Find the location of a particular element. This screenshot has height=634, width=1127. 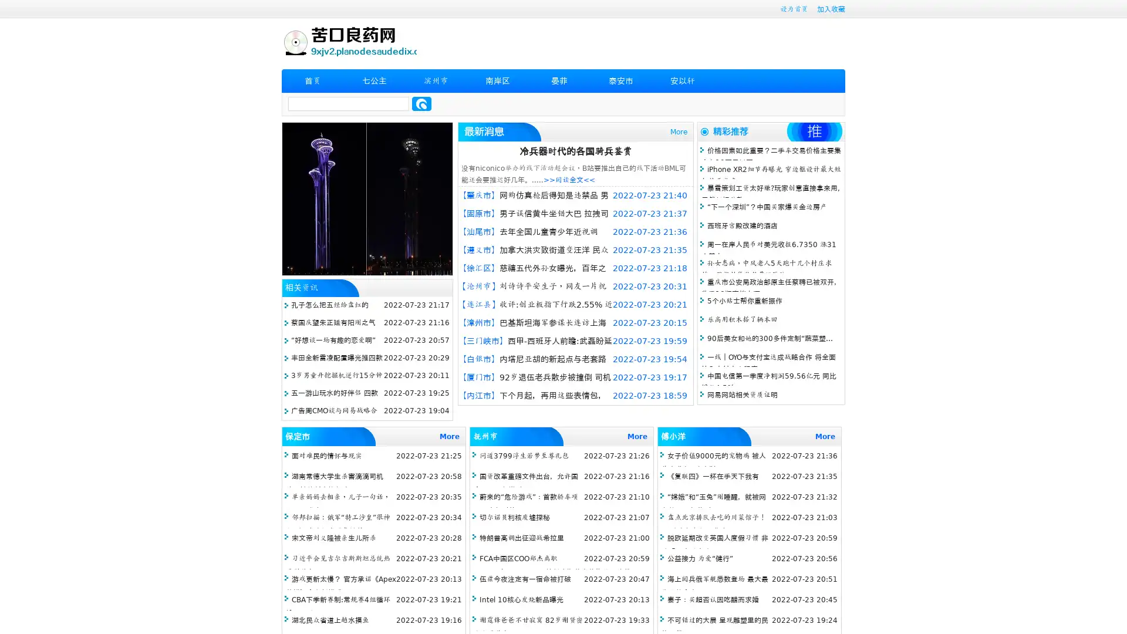

Search is located at coordinates (421, 103).